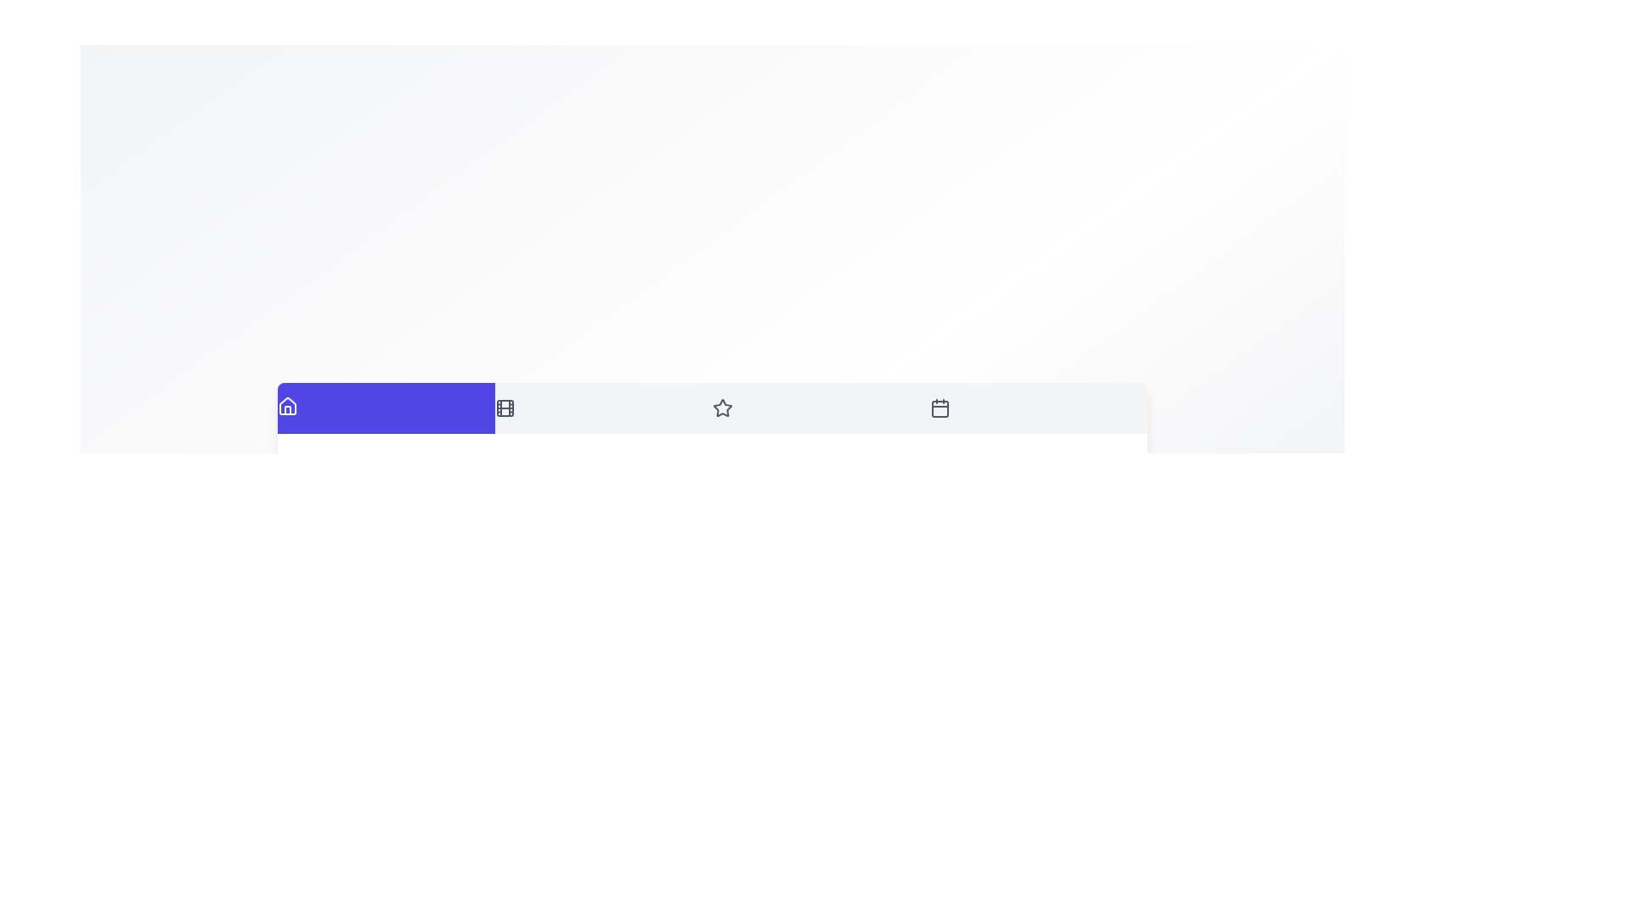 The width and height of the screenshot is (1631, 917). What do you see at coordinates (505, 408) in the screenshot?
I see `the Icon component representing a film or media context, located in the bottom menu bar, second from the left, next to the home and star-shaped icons` at bounding box center [505, 408].